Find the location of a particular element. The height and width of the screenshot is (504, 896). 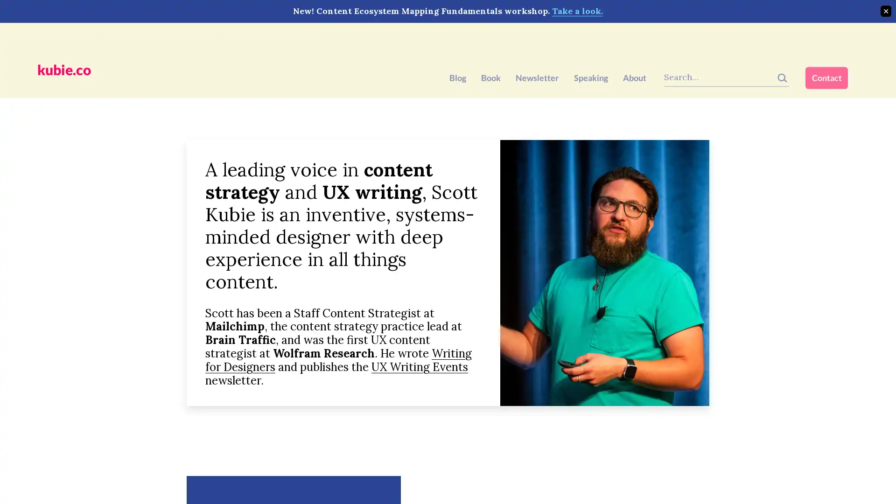

Search is located at coordinates (792, 41).